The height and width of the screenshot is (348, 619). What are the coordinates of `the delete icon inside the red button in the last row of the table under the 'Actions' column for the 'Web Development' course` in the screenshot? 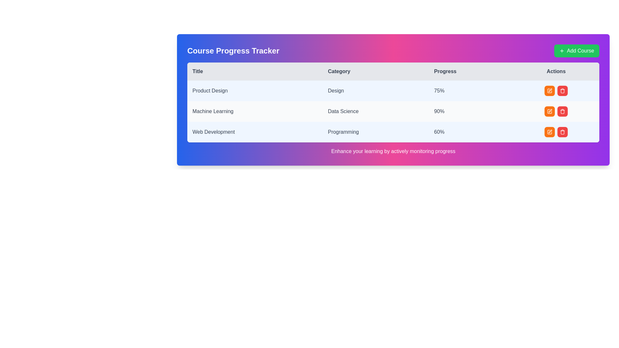 It's located at (562, 111).